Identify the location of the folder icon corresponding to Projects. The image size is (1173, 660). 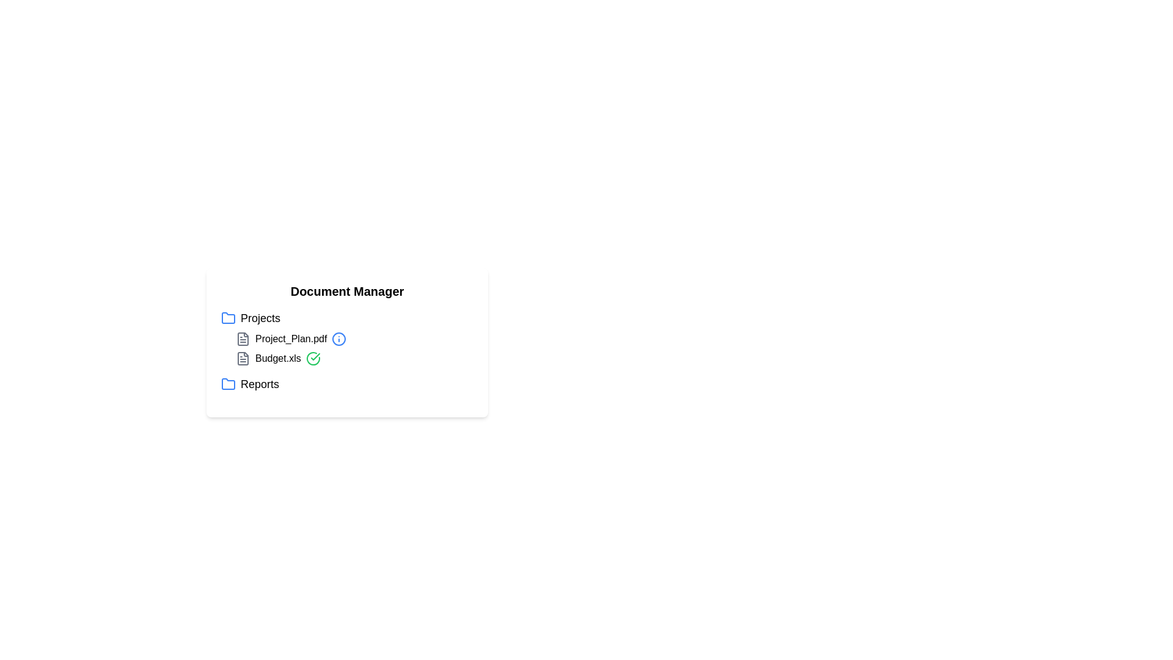
(228, 317).